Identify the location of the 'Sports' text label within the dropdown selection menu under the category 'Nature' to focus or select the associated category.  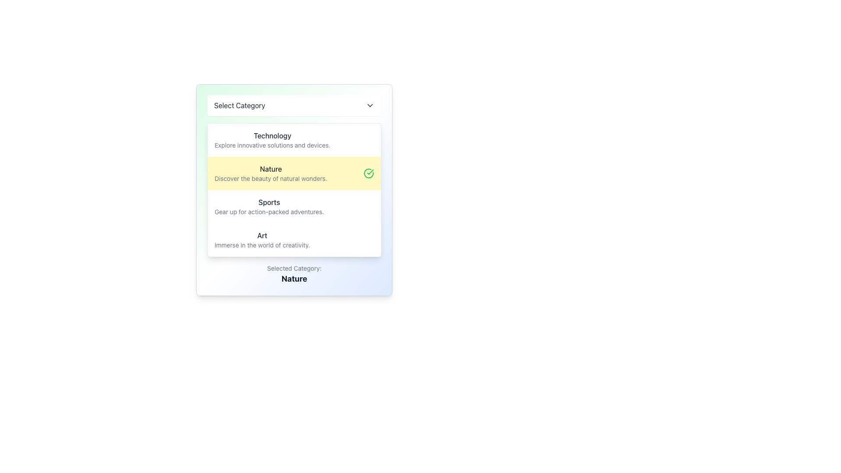
(269, 202).